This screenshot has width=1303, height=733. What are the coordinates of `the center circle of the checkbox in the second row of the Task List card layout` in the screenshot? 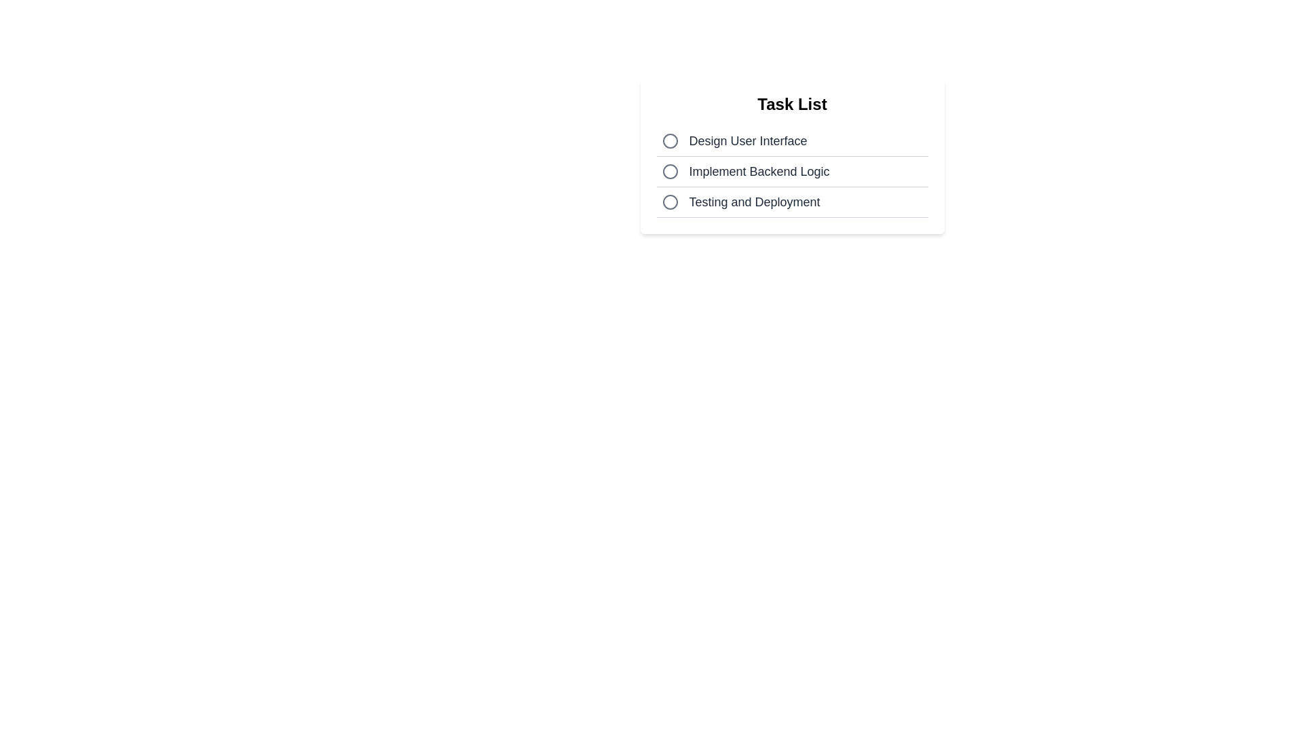 It's located at (670, 171).